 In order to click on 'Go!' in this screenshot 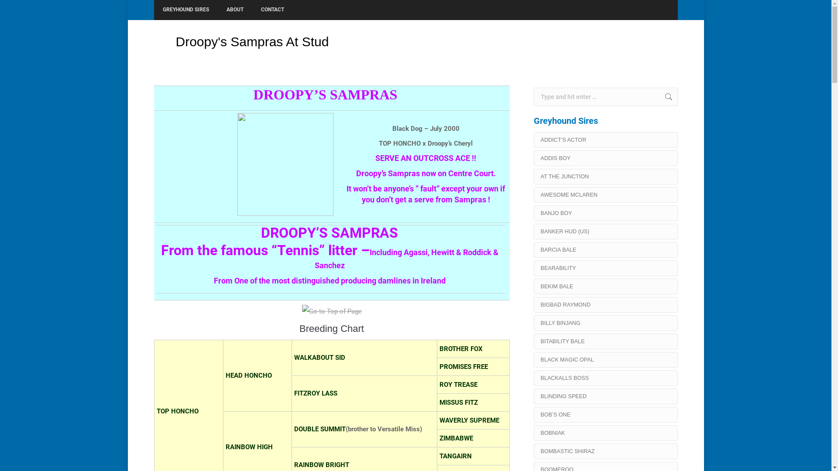, I will do `click(663, 97)`.